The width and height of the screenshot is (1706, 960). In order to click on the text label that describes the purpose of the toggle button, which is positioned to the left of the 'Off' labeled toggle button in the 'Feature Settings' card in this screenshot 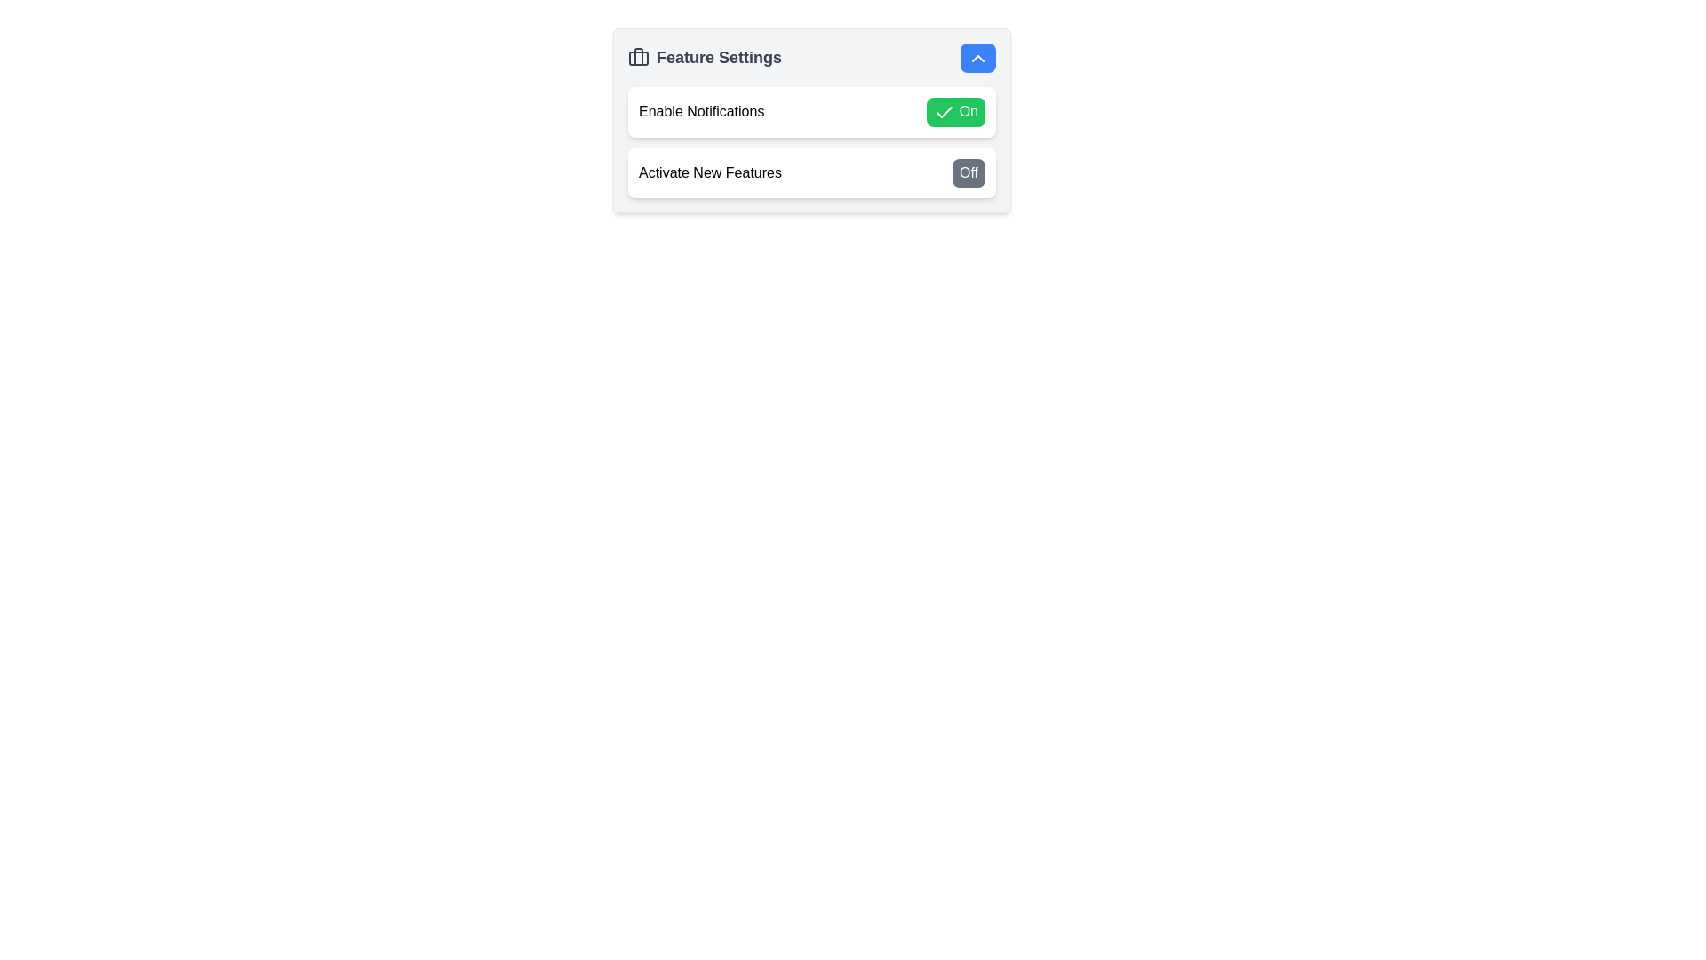, I will do `click(709, 172)`.